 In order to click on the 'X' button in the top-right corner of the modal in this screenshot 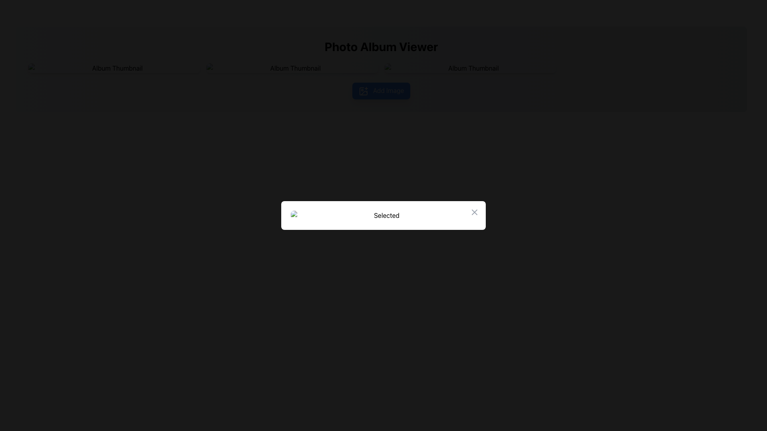, I will do `click(475, 212)`.